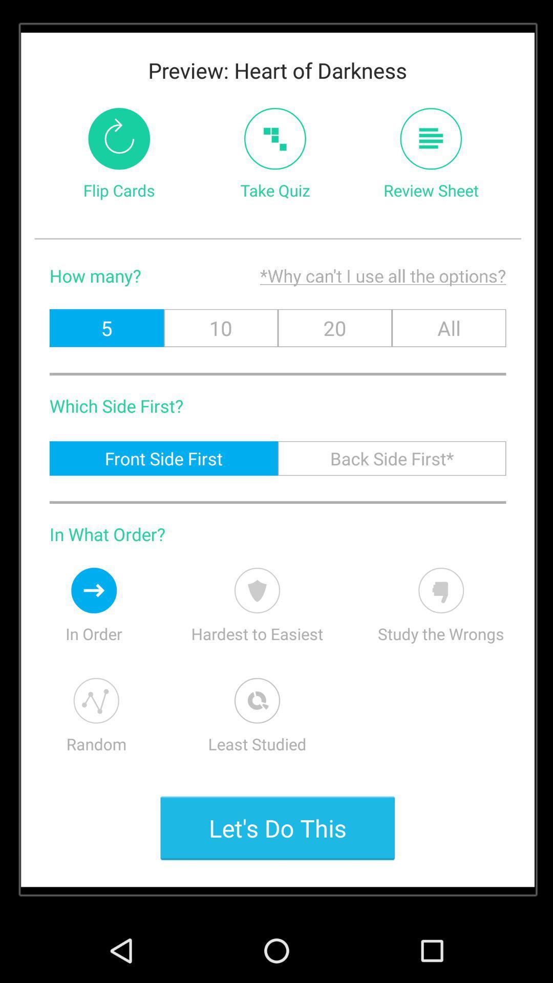  What do you see at coordinates (274, 138) in the screenshot?
I see `take a quiz` at bounding box center [274, 138].